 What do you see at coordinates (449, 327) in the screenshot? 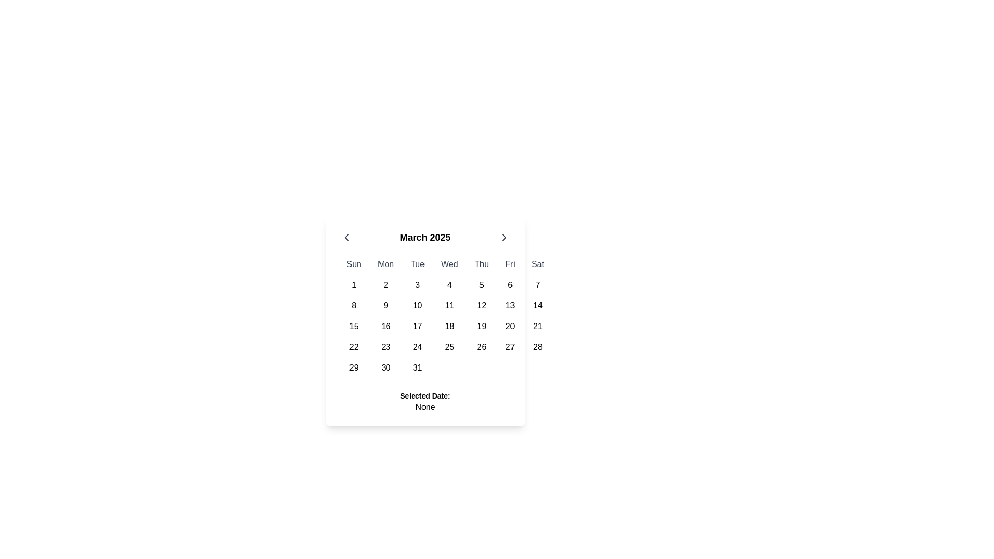
I see `text of the Calendar day item representing the 18th day of the month, which is selectable within the calendar interface` at bounding box center [449, 327].